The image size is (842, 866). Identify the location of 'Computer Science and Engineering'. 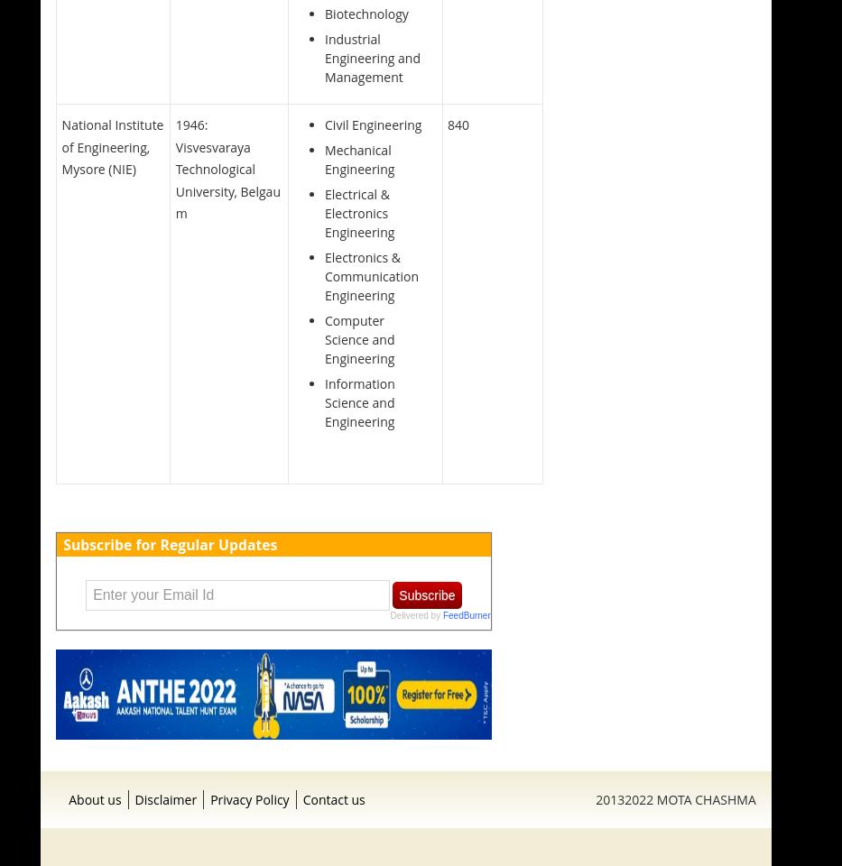
(359, 338).